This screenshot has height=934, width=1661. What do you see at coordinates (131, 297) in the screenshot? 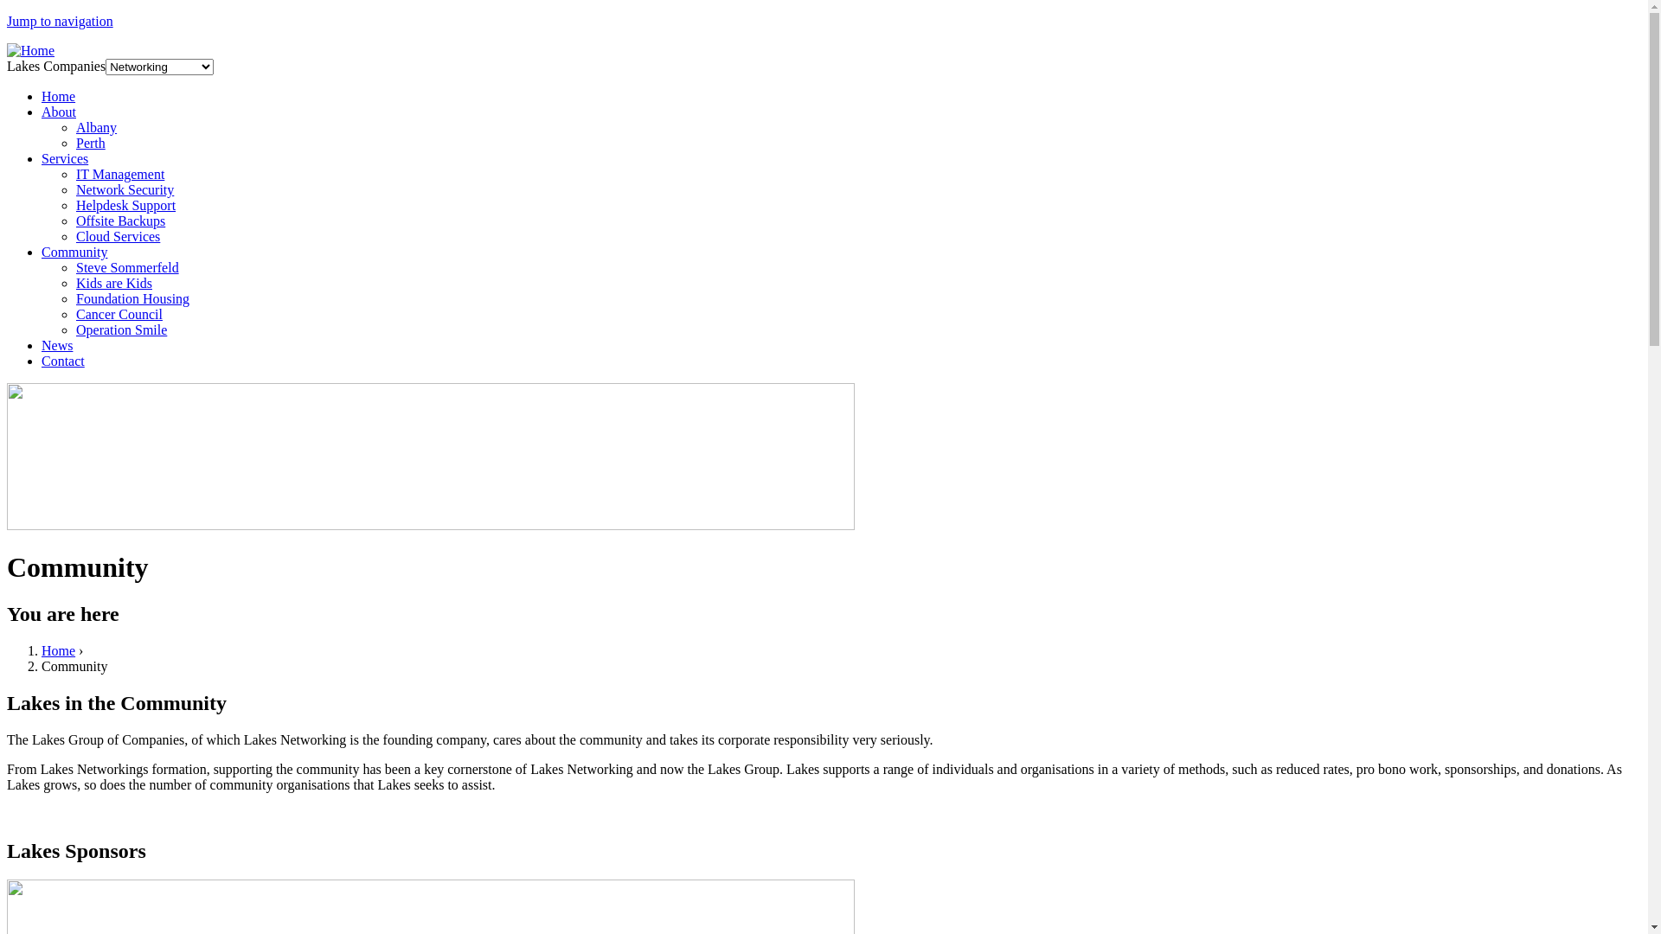
I see `'Foundation Housing'` at bounding box center [131, 297].